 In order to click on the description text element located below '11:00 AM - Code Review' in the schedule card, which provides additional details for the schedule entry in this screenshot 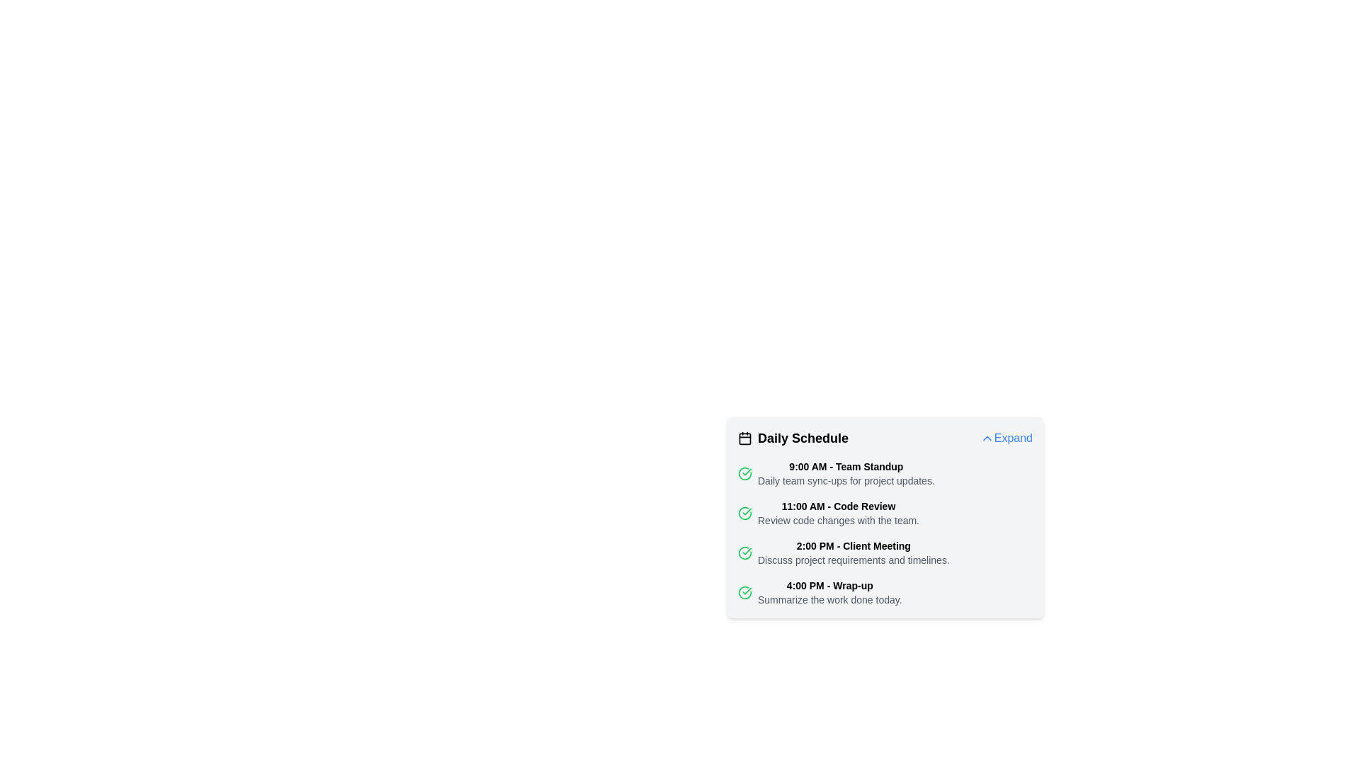, I will do `click(839, 521)`.